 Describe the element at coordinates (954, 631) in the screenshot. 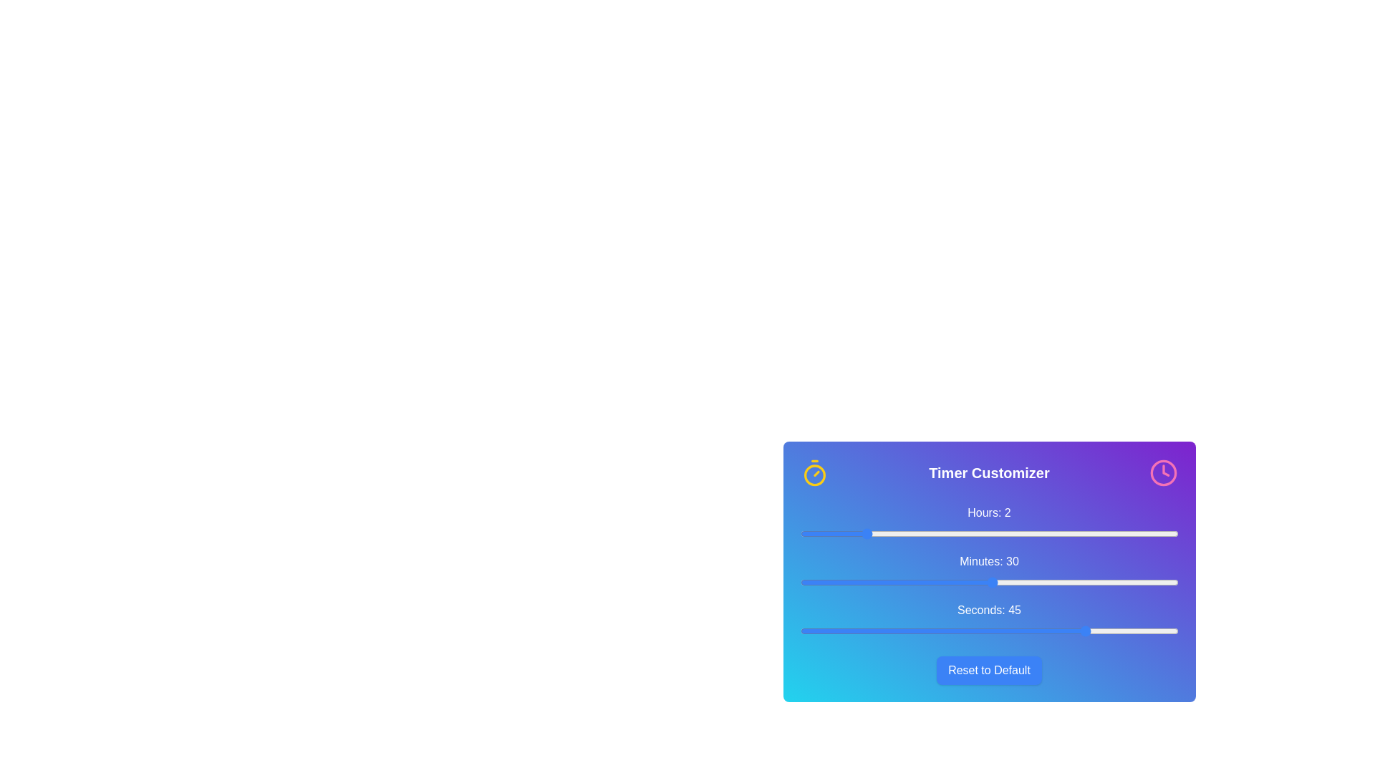

I see `the 'seconds' slider to set the value to 24` at that location.